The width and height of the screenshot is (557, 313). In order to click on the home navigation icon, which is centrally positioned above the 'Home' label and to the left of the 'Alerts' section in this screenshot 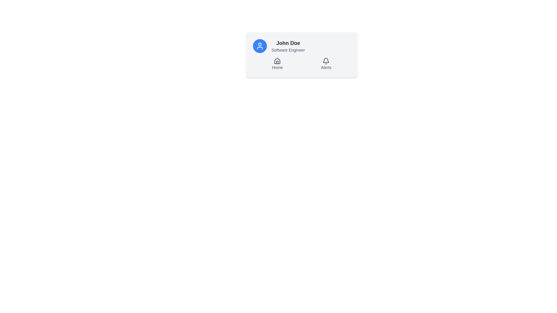, I will do `click(277, 61)`.